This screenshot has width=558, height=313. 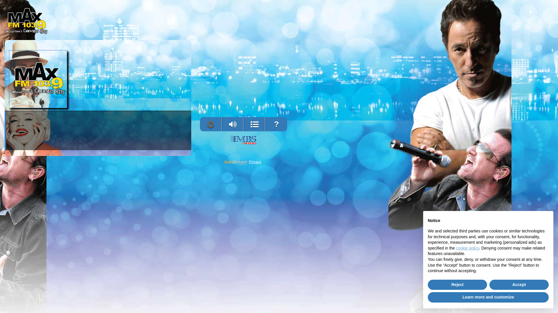 I want to click on 'Reject', so click(x=428, y=285).